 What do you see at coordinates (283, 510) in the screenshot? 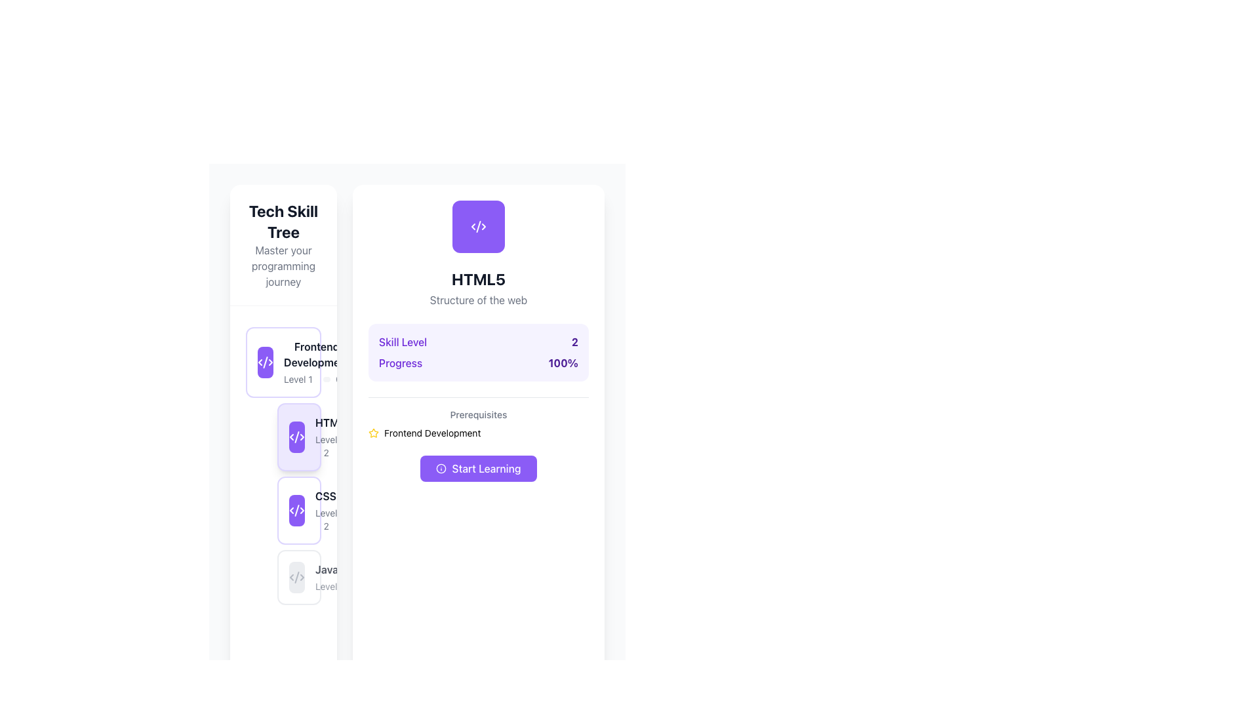
I see `the card with a violet border and coding symbol labeled 'CSS3 Level 2'` at bounding box center [283, 510].